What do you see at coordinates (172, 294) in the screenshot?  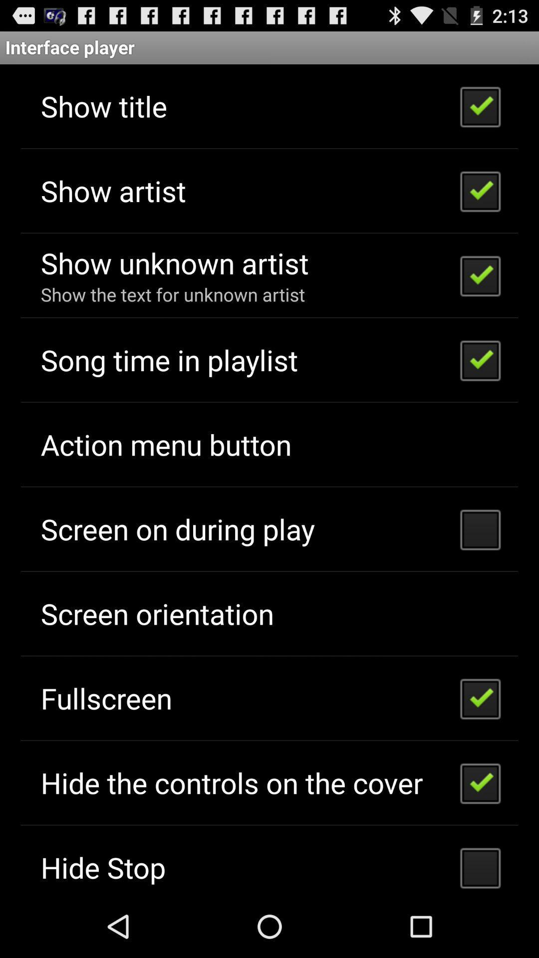 I see `icon below the show unknown artist app` at bounding box center [172, 294].